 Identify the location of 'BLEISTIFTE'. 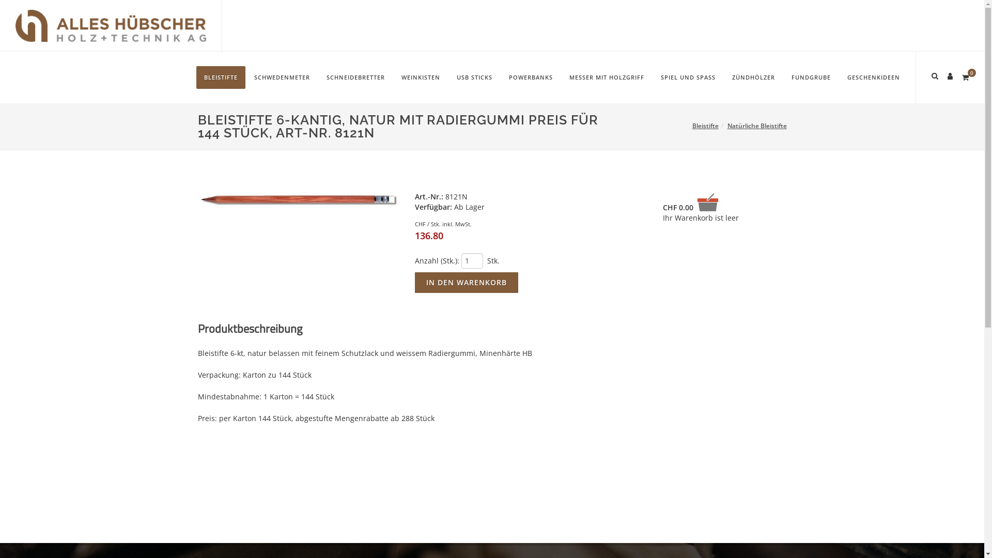
(220, 77).